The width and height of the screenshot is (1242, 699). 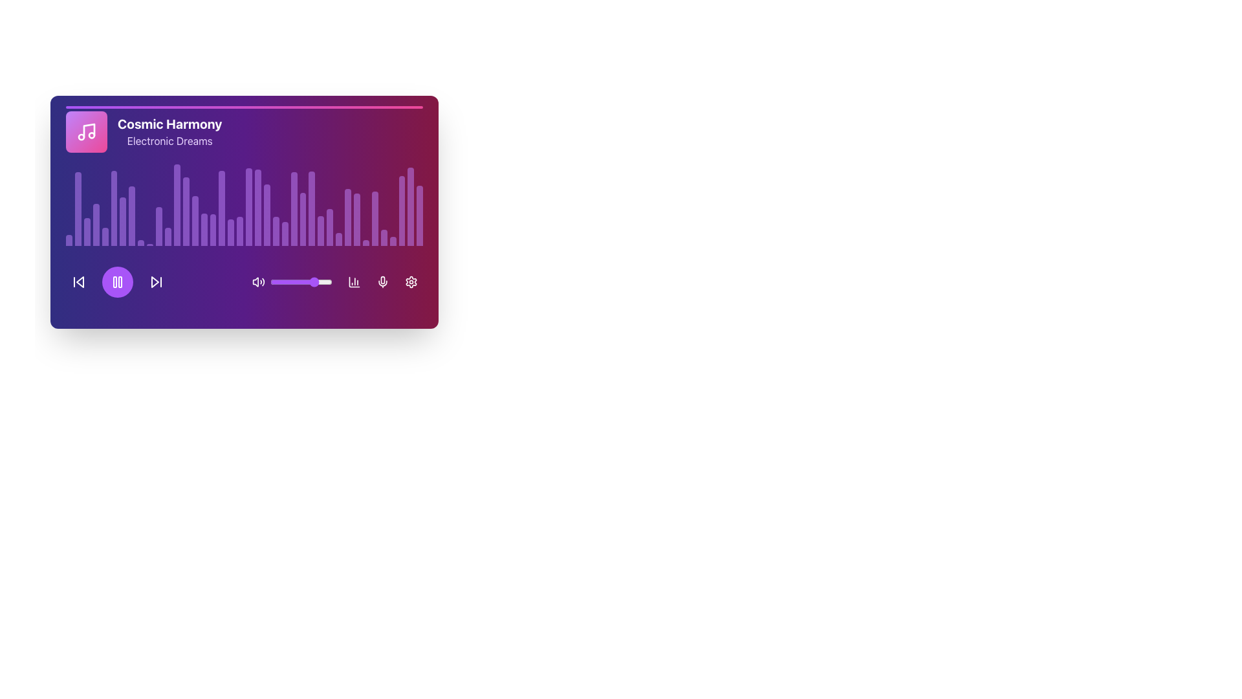 I want to click on the 26th vertical bar of the graphical equalizer, so click(x=293, y=208).